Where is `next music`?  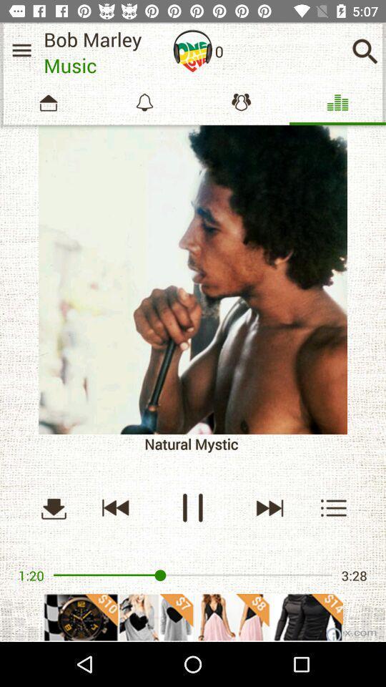
next music is located at coordinates (269, 507).